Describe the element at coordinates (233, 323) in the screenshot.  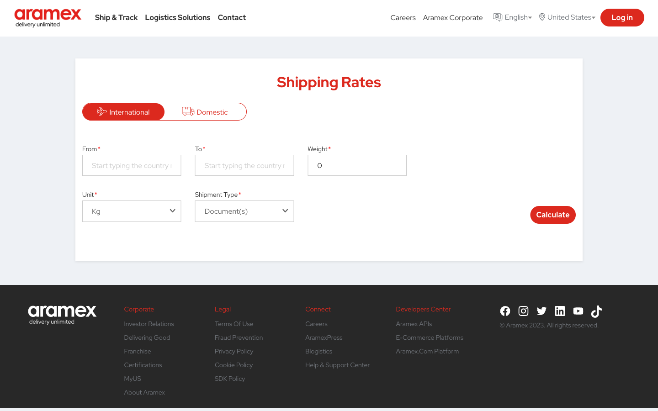
I see `a click on the terms of use tab found beneath the screen within the guidelines subsection` at that location.